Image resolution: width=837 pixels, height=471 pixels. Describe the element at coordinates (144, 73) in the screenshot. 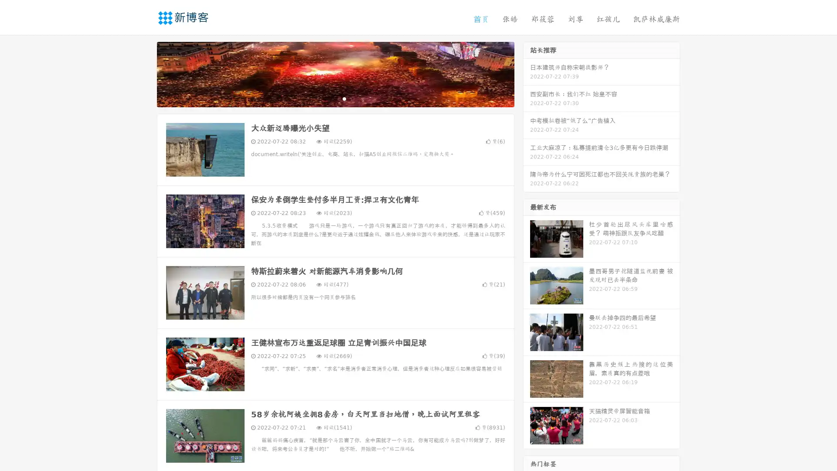

I see `Previous slide` at that location.